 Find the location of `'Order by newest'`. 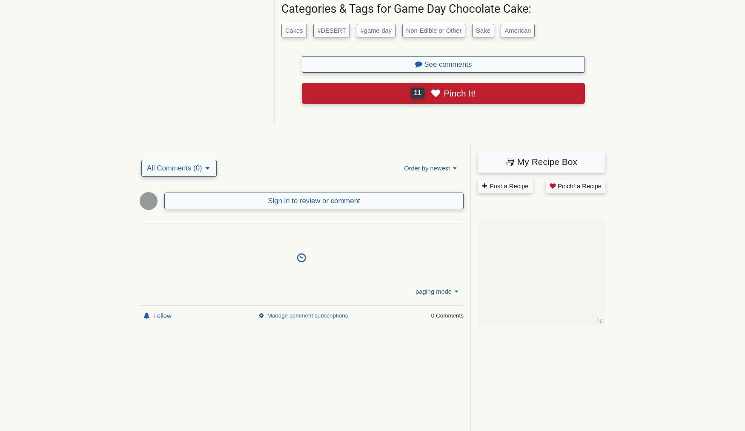

'Order by newest' is located at coordinates (426, 167).